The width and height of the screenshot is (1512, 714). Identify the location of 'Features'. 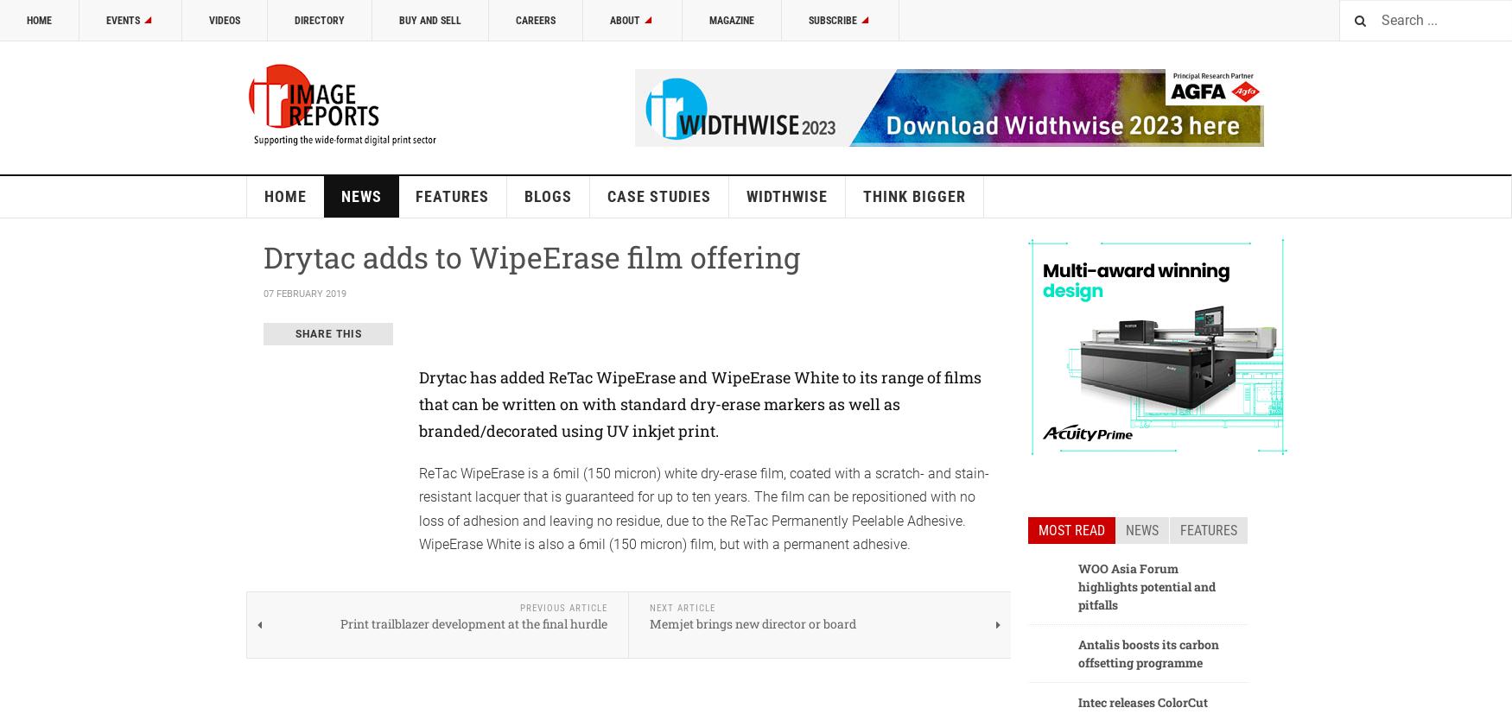
(1207, 529).